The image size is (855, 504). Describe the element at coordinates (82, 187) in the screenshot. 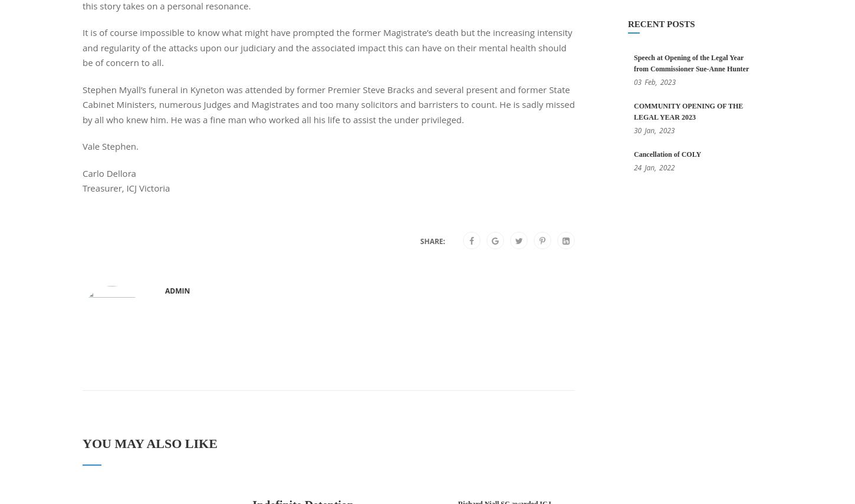

I see `'Treasurer, ICJ Victoria'` at that location.